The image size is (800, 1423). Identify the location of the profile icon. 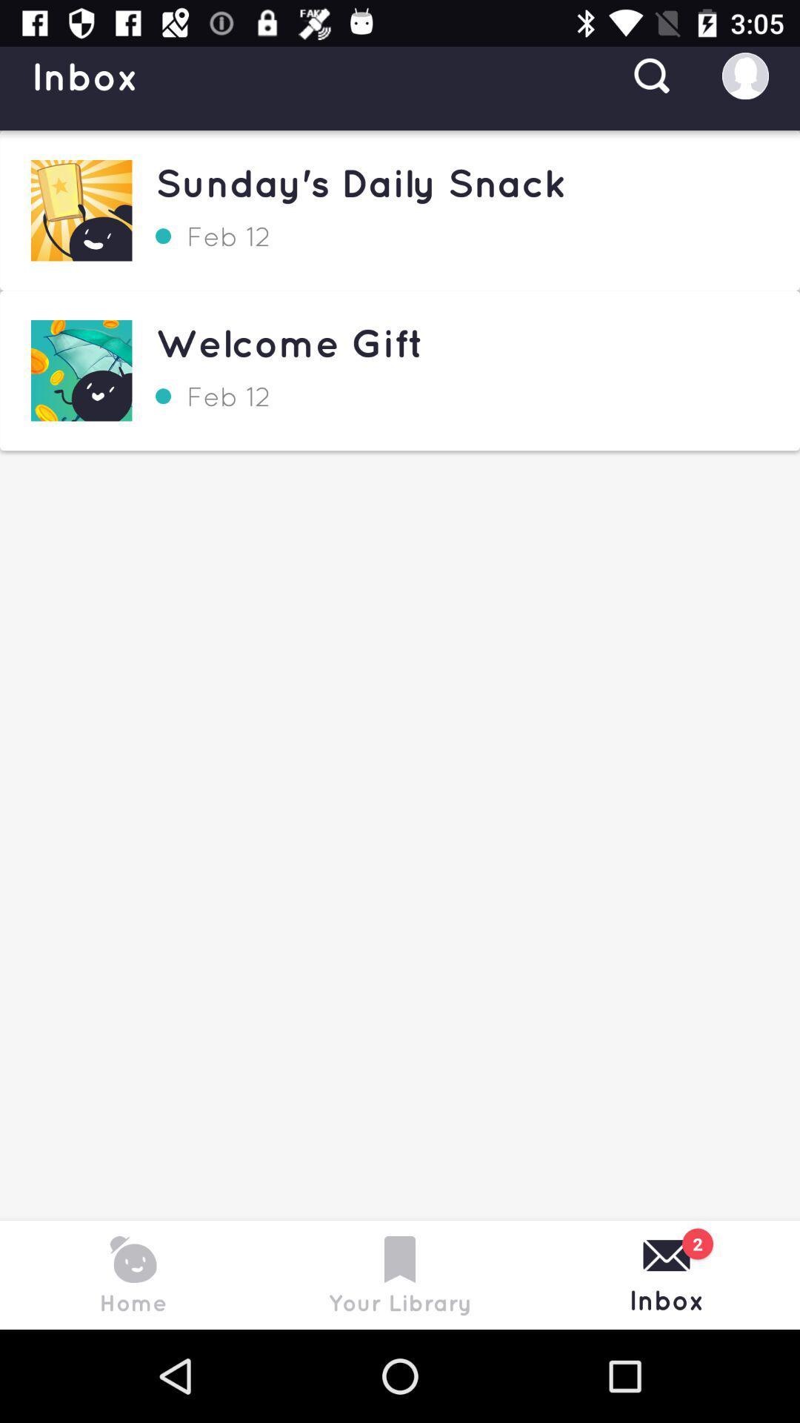
(745, 75).